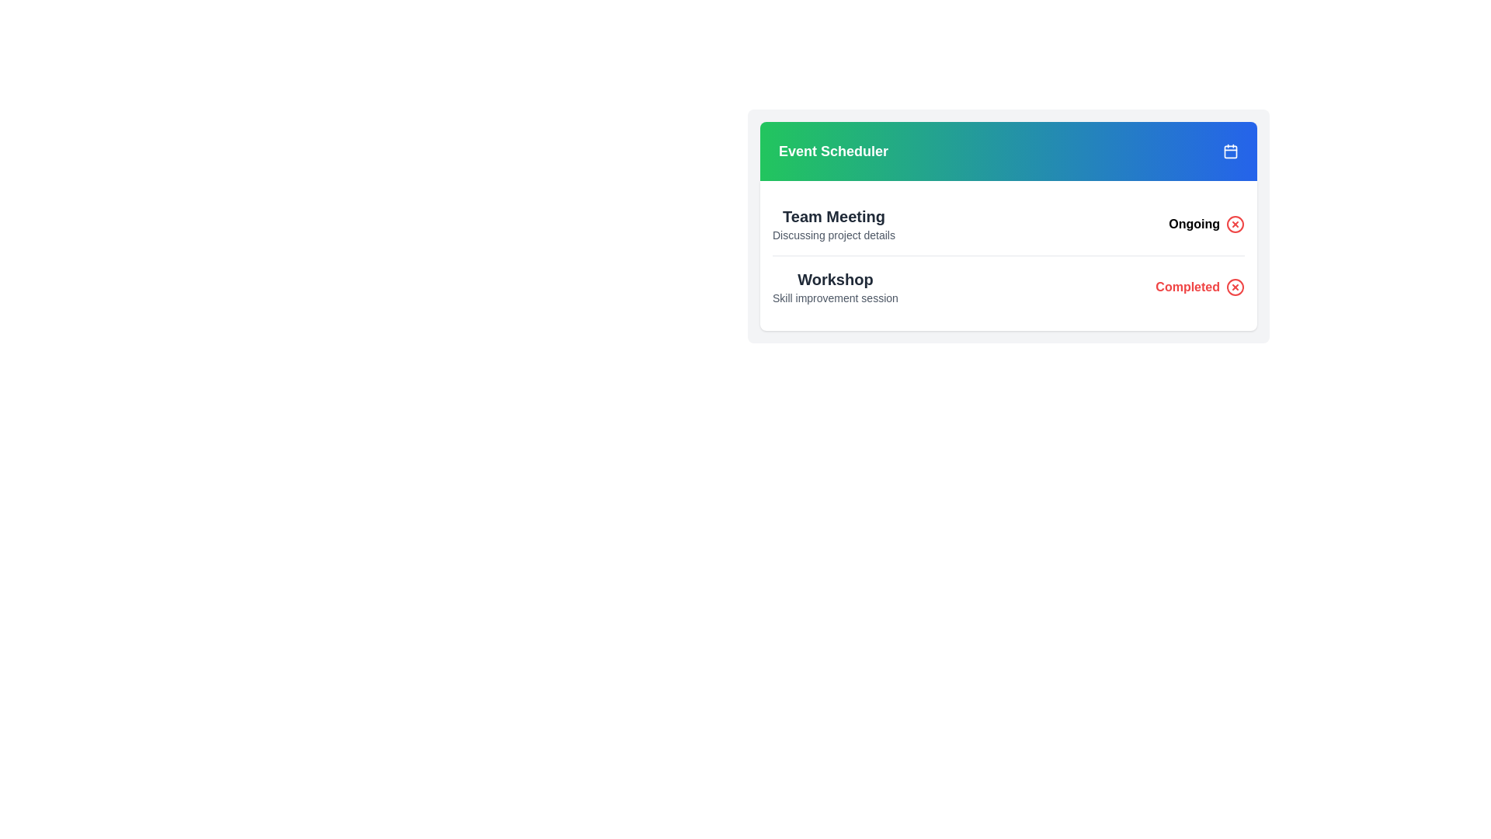  I want to click on the 'Event Scheduler' text label, which is prominently displayed in bold, large font on a green-to-blue gradient background, located on the left side of the header, so click(832, 151).